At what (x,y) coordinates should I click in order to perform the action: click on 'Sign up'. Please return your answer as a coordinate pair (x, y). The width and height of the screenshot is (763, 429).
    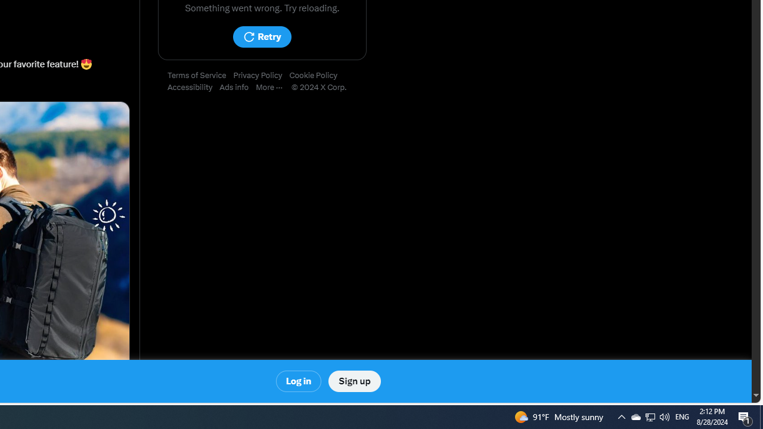
    Looking at the image, I should click on (353, 381).